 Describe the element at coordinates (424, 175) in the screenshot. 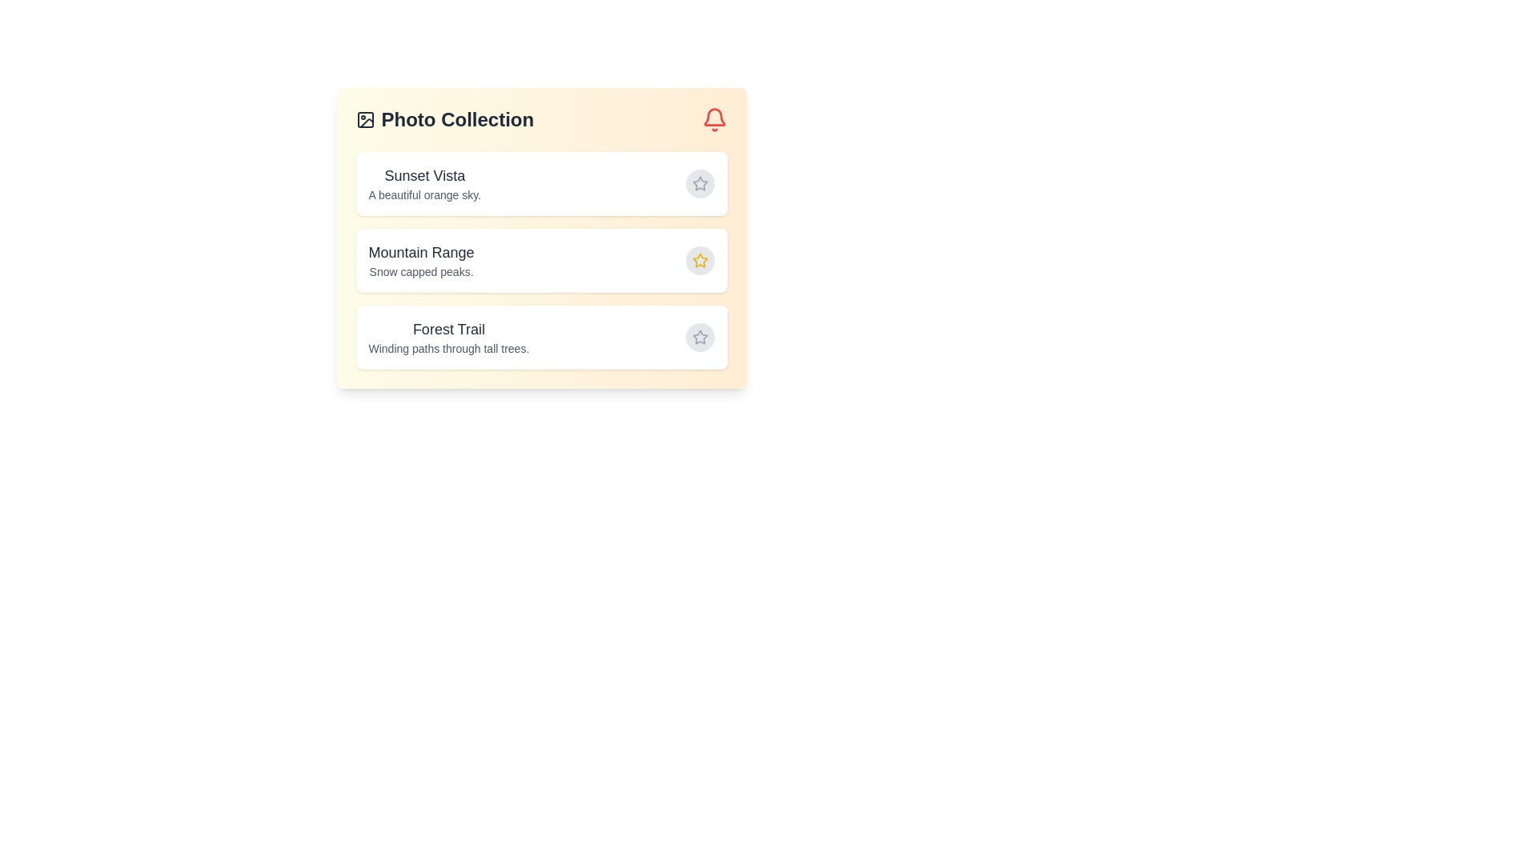

I see `the title of Sunset Vista for selection or copying` at that location.